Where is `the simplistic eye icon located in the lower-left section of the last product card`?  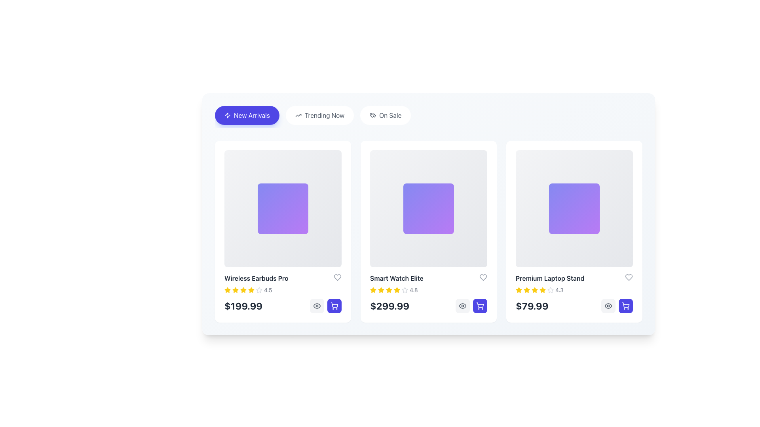
the simplistic eye icon located in the lower-left section of the last product card is located at coordinates (608, 306).